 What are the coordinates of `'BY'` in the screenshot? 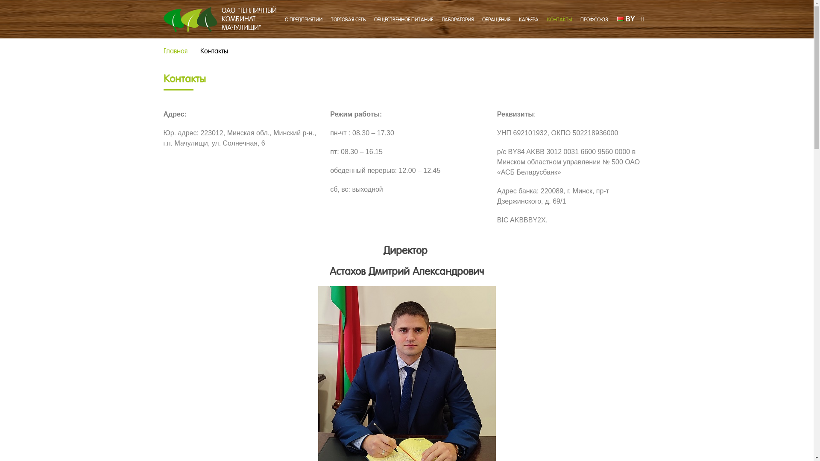 It's located at (626, 19).